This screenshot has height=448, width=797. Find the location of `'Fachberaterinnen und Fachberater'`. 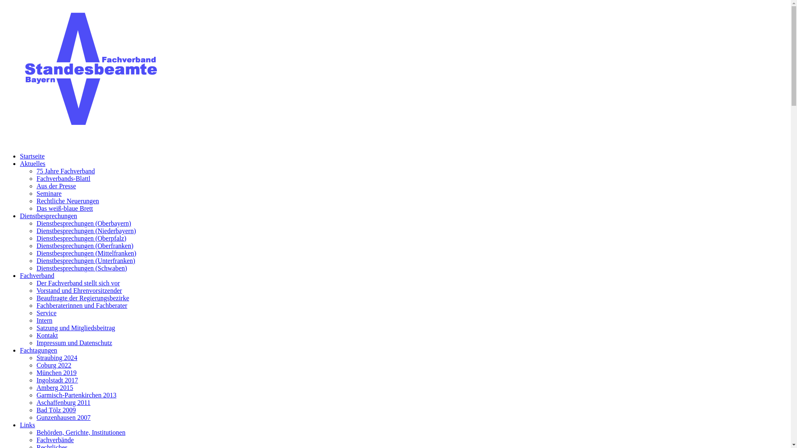

'Fachberaterinnen und Fachberater' is located at coordinates (82, 305).